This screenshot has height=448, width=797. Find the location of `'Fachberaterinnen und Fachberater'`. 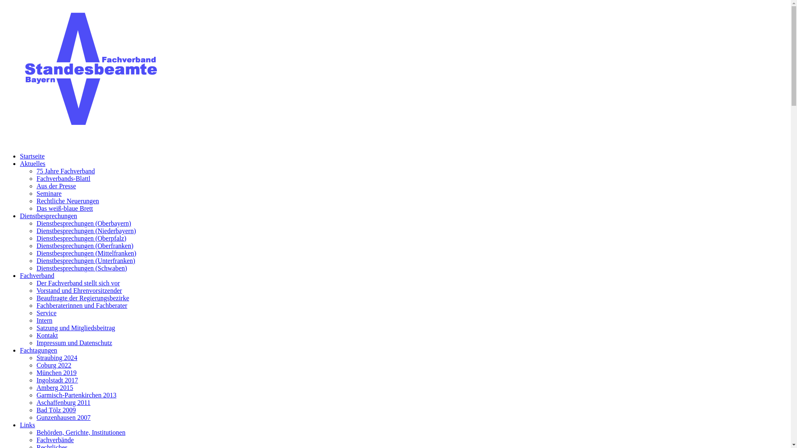

'Fachberaterinnen und Fachberater' is located at coordinates (82, 305).